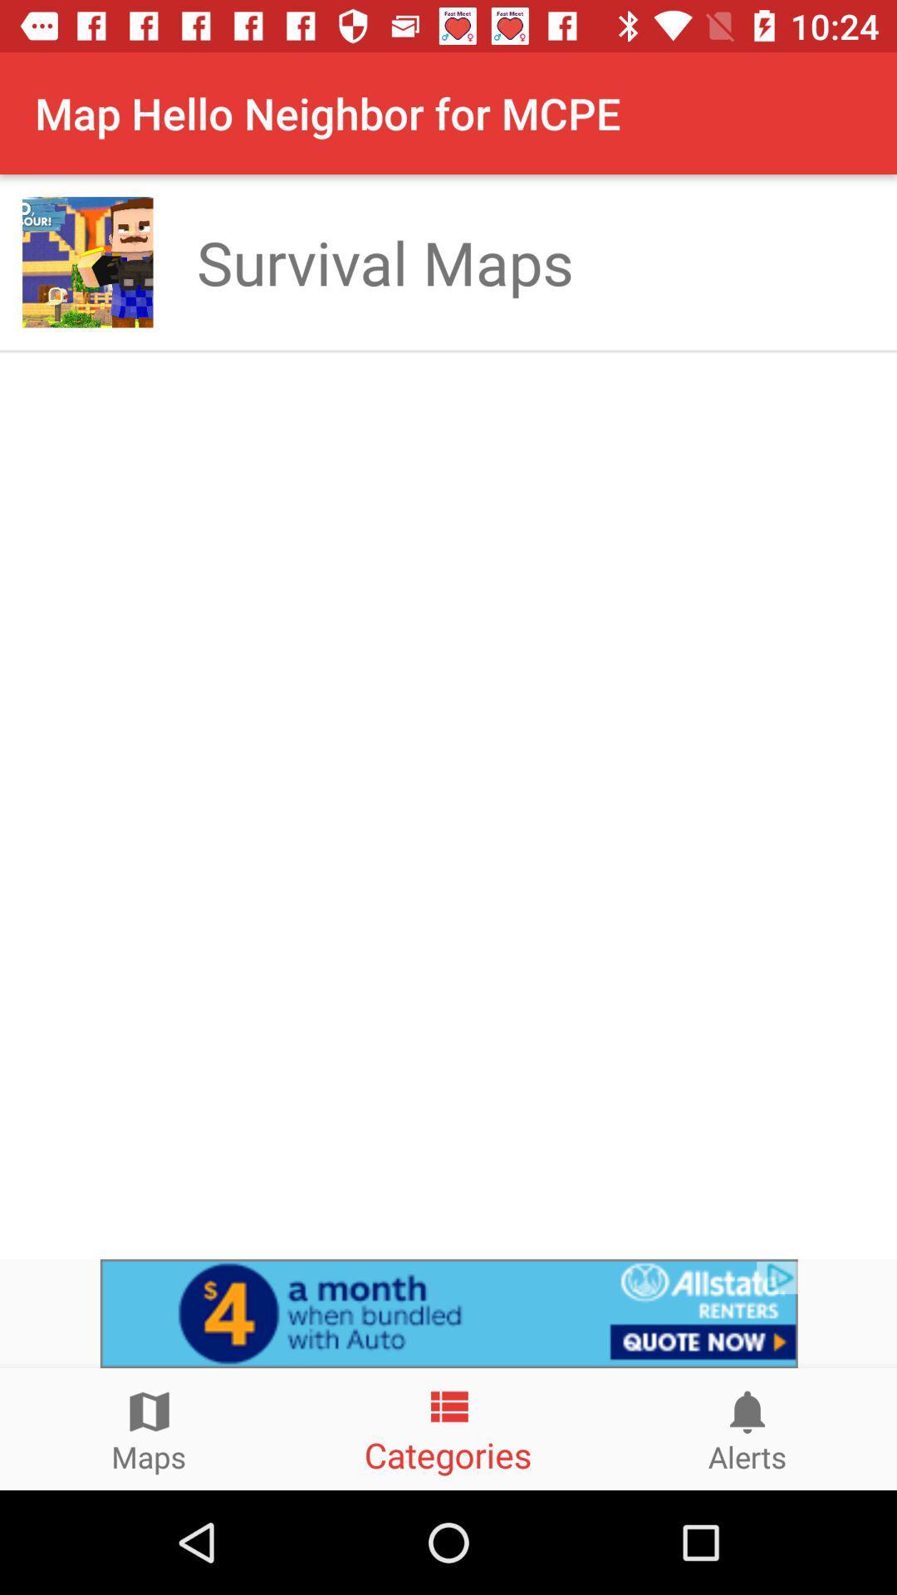  I want to click on display advertisement, so click(448, 1313).